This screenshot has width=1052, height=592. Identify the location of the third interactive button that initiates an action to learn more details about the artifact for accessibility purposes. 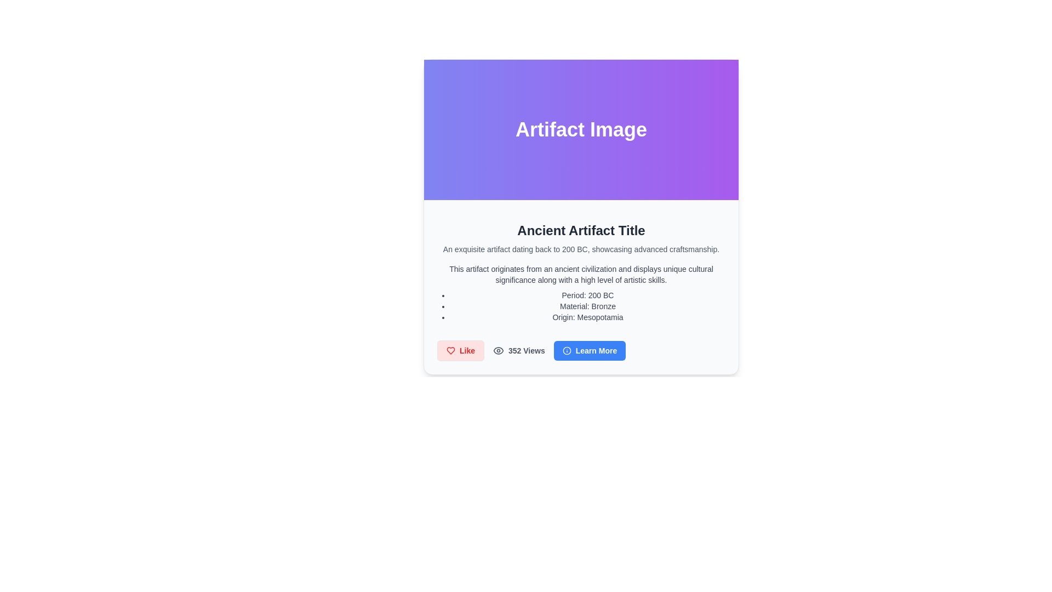
(589, 351).